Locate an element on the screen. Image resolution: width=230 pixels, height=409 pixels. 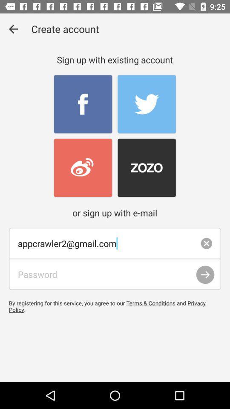
go back is located at coordinates (13, 29).